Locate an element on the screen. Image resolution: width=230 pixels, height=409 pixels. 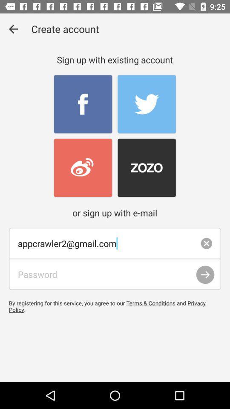
go back is located at coordinates (13, 29).